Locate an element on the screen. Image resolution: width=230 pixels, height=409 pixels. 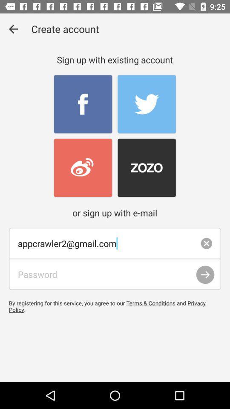
go back is located at coordinates (13, 29).